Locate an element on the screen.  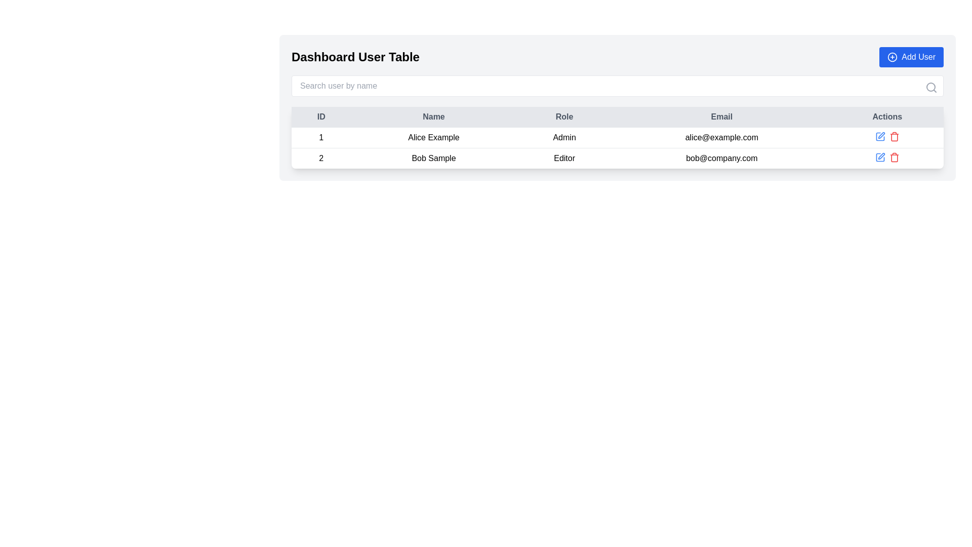
bold, large-sized textual label that reads 'Dashboard User Table', which serves as the title of the section is located at coordinates (355, 57).